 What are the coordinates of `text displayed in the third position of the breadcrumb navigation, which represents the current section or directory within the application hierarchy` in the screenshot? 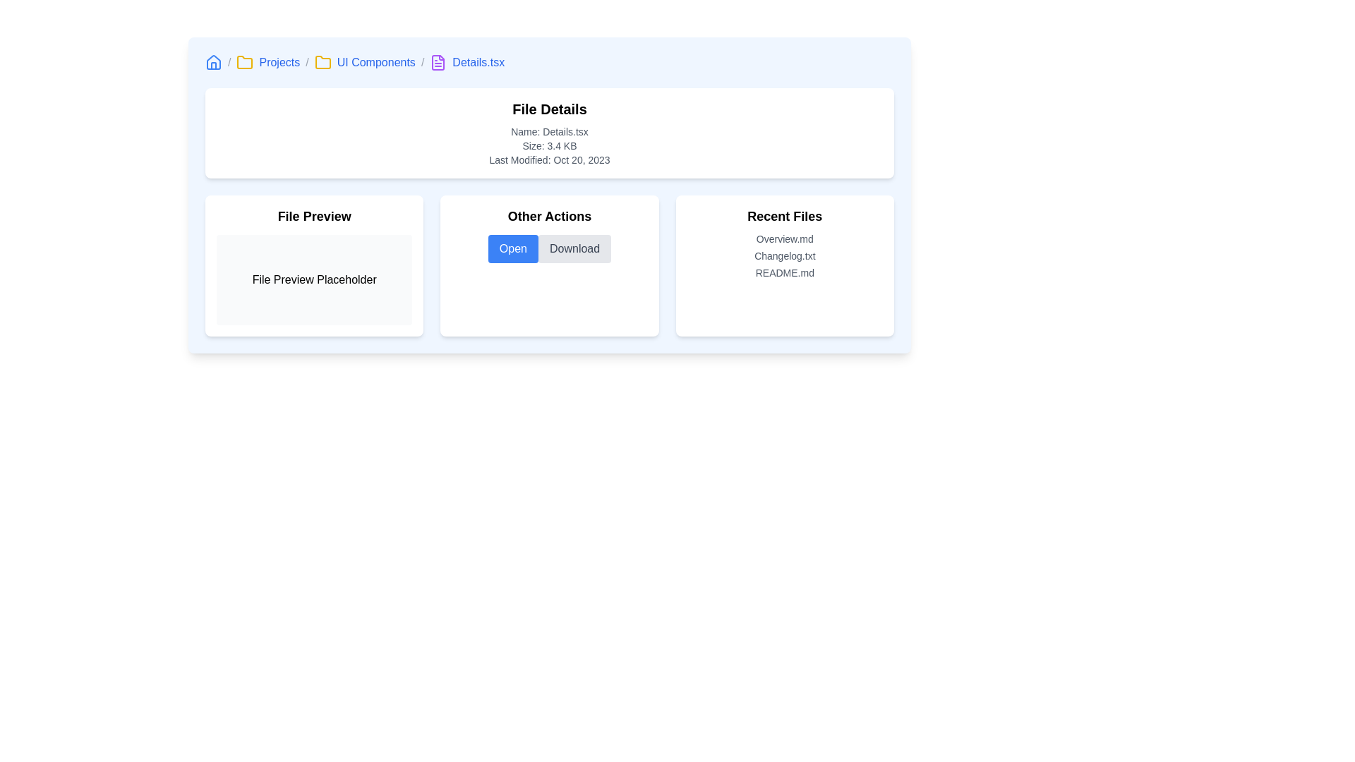 It's located at (376, 61).